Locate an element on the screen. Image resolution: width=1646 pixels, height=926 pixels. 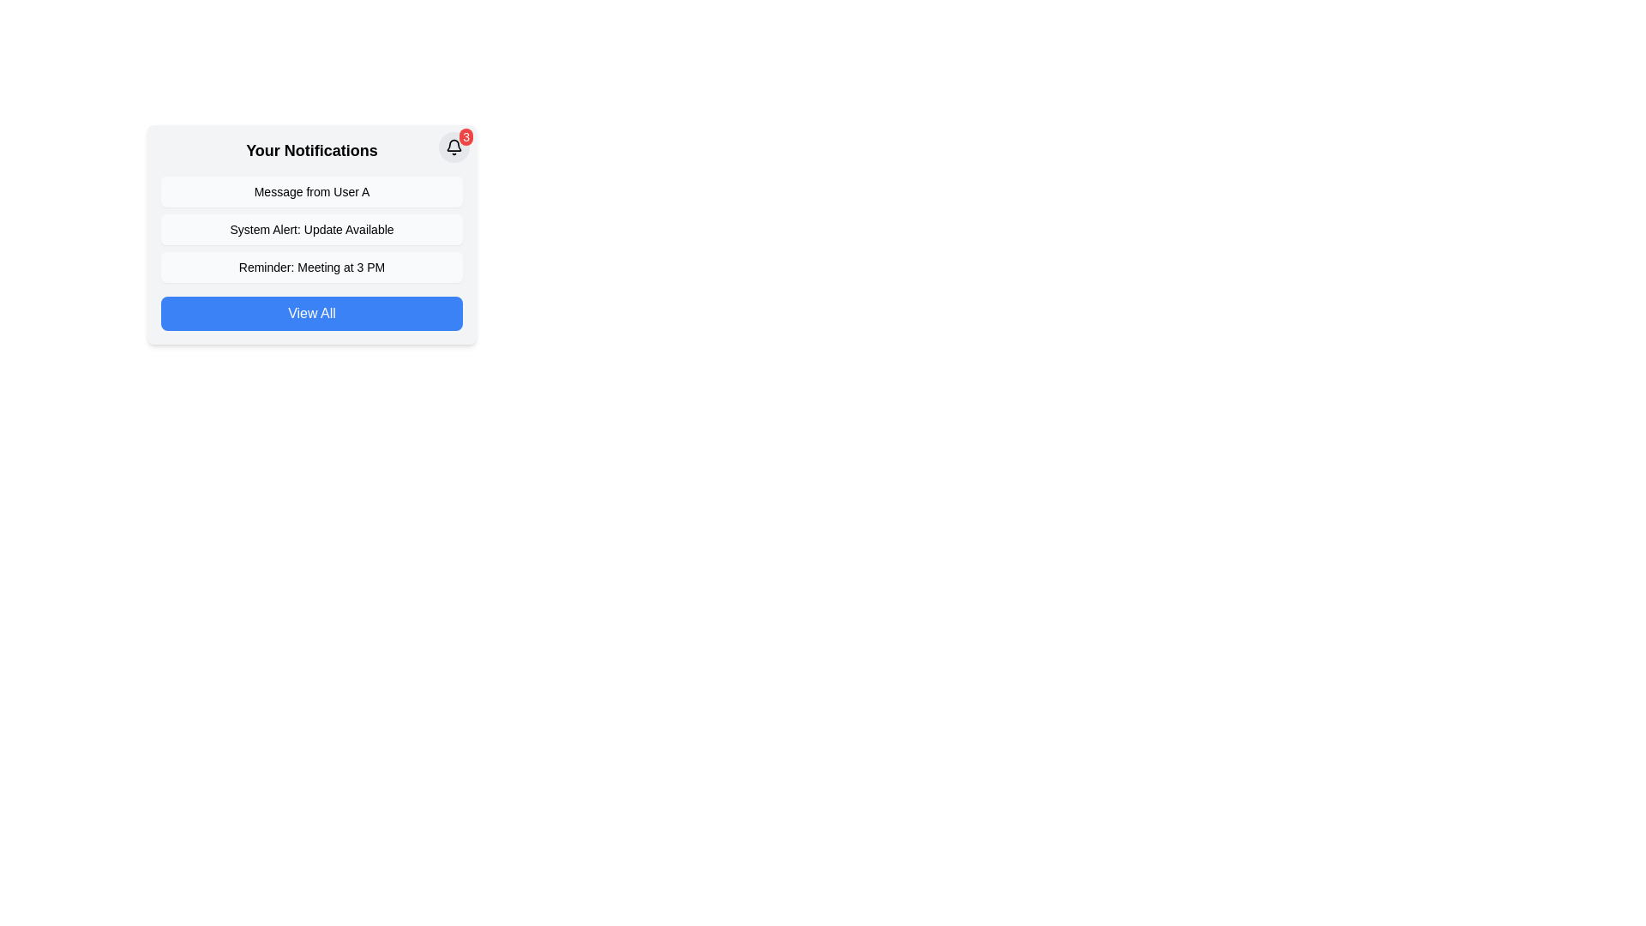
the notification badge icon displaying '3' to view notifications is located at coordinates (454, 147).